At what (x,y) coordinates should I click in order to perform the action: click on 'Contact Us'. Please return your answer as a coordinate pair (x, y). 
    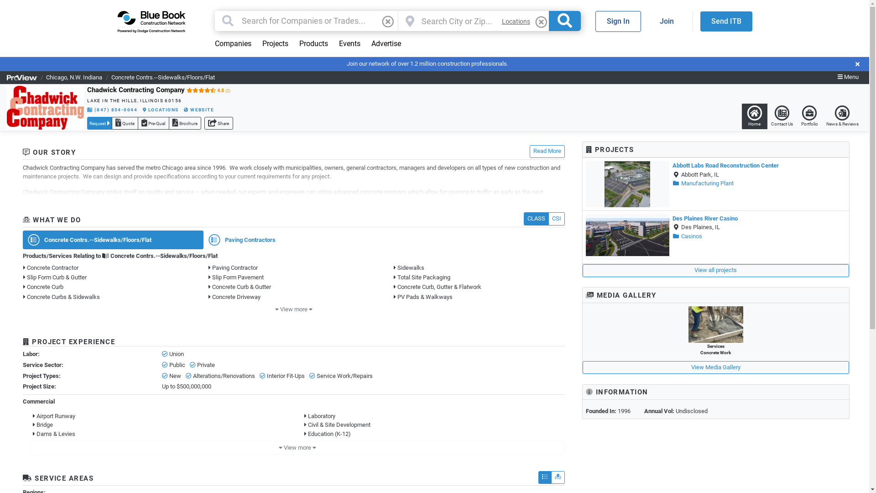
    Looking at the image, I should click on (781, 115).